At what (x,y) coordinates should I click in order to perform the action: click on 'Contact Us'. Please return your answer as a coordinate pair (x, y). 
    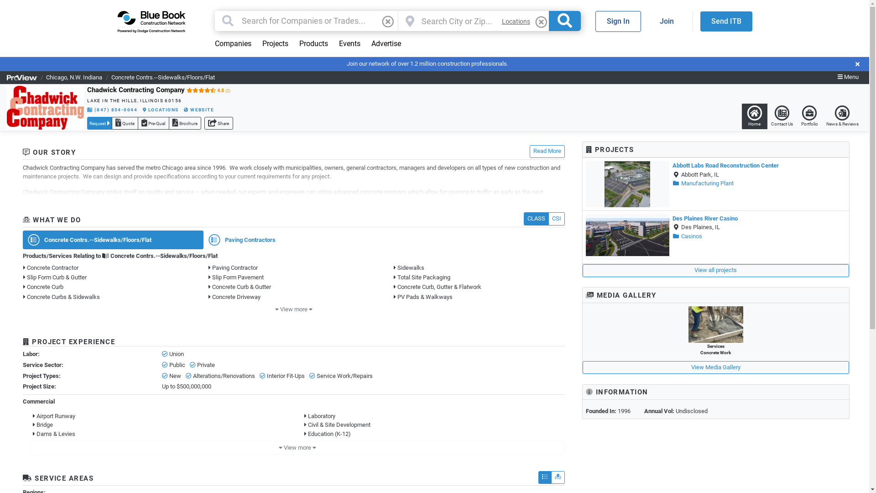
    Looking at the image, I should click on (781, 115).